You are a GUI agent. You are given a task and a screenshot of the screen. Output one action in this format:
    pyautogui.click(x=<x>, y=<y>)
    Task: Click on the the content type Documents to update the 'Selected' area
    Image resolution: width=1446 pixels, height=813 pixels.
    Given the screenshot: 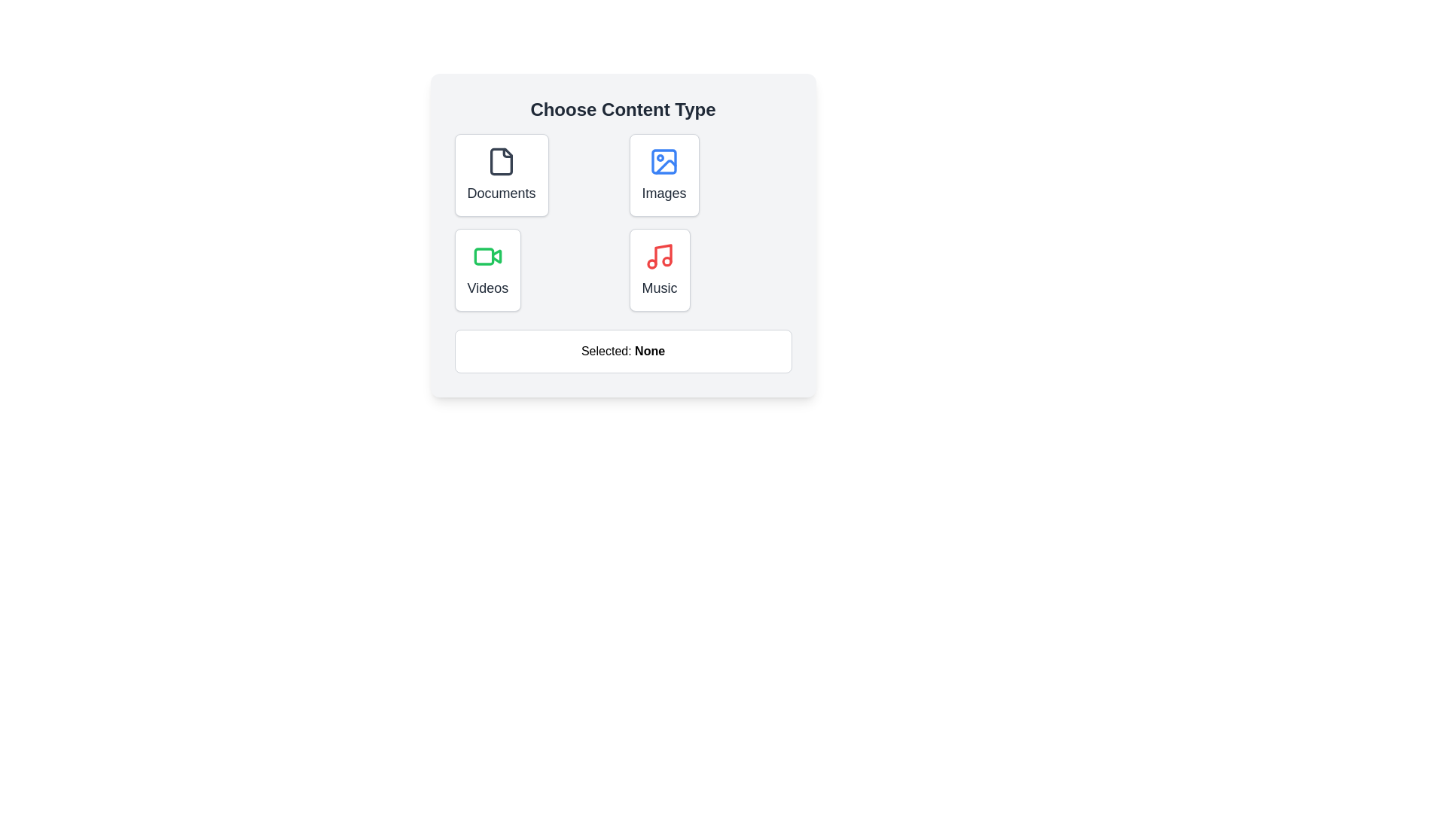 What is the action you would take?
    pyautogui.click(x=502, y=174)
    